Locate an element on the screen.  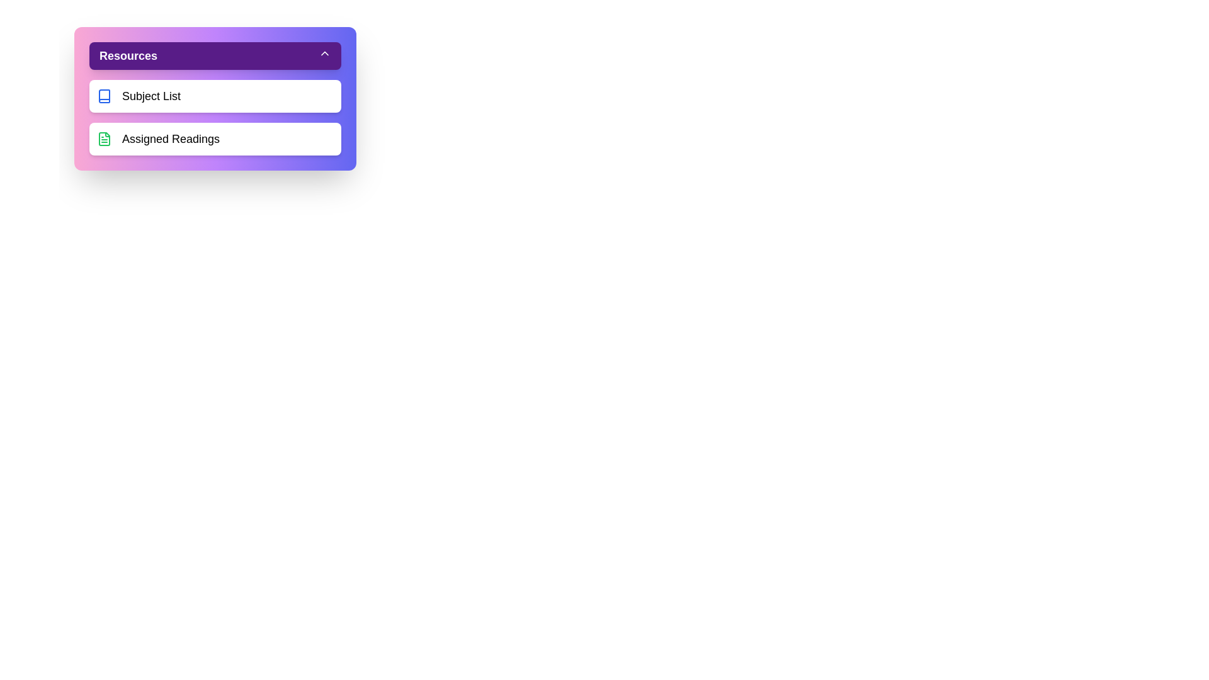
the 'Subject List' text label, which is styled with a larger bold font and is positioned within the 'Resources' panel as the first item, above 'Assigned Readings' is located at coordinates (151, 96).